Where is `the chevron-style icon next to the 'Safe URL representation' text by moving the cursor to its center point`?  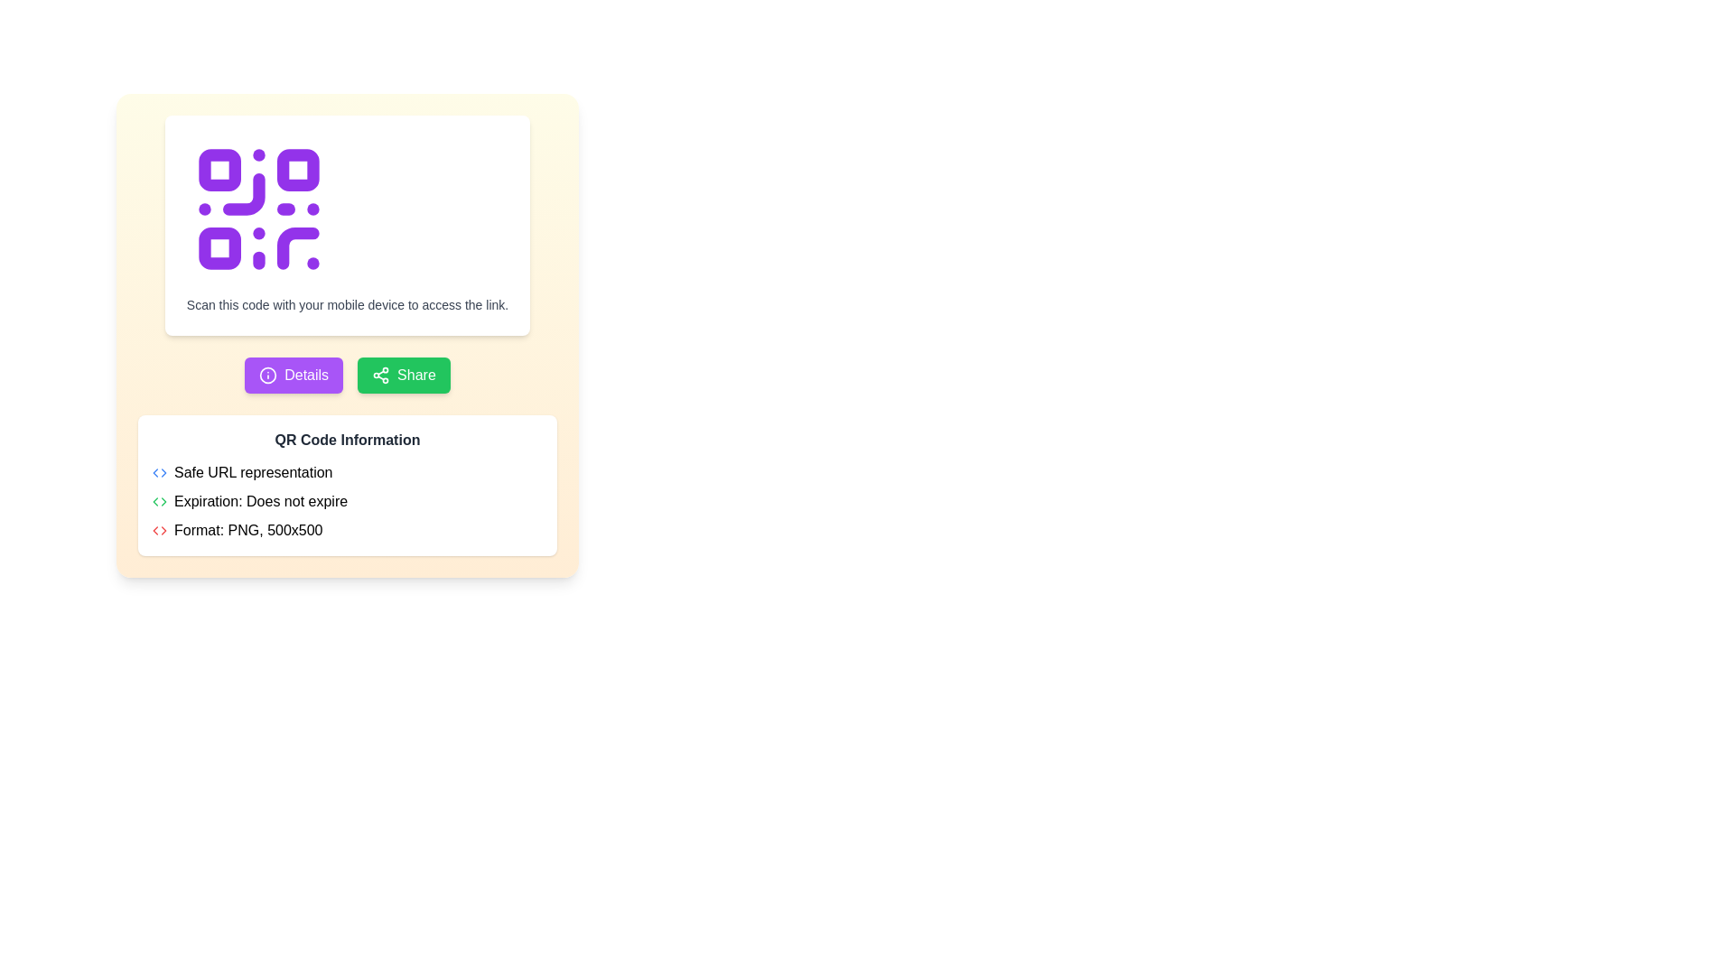 the chevron-style icon next to the 'Safe URL representation' text by moving the cursor to its center point is located at coordinates (160, 472).